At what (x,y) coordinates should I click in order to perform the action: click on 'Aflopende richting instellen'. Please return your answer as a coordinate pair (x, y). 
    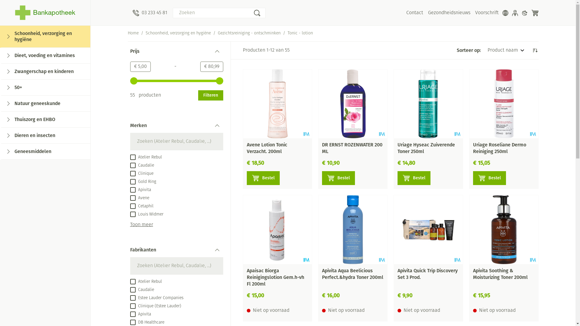
    Looking at the image, I should click on (530, 50).